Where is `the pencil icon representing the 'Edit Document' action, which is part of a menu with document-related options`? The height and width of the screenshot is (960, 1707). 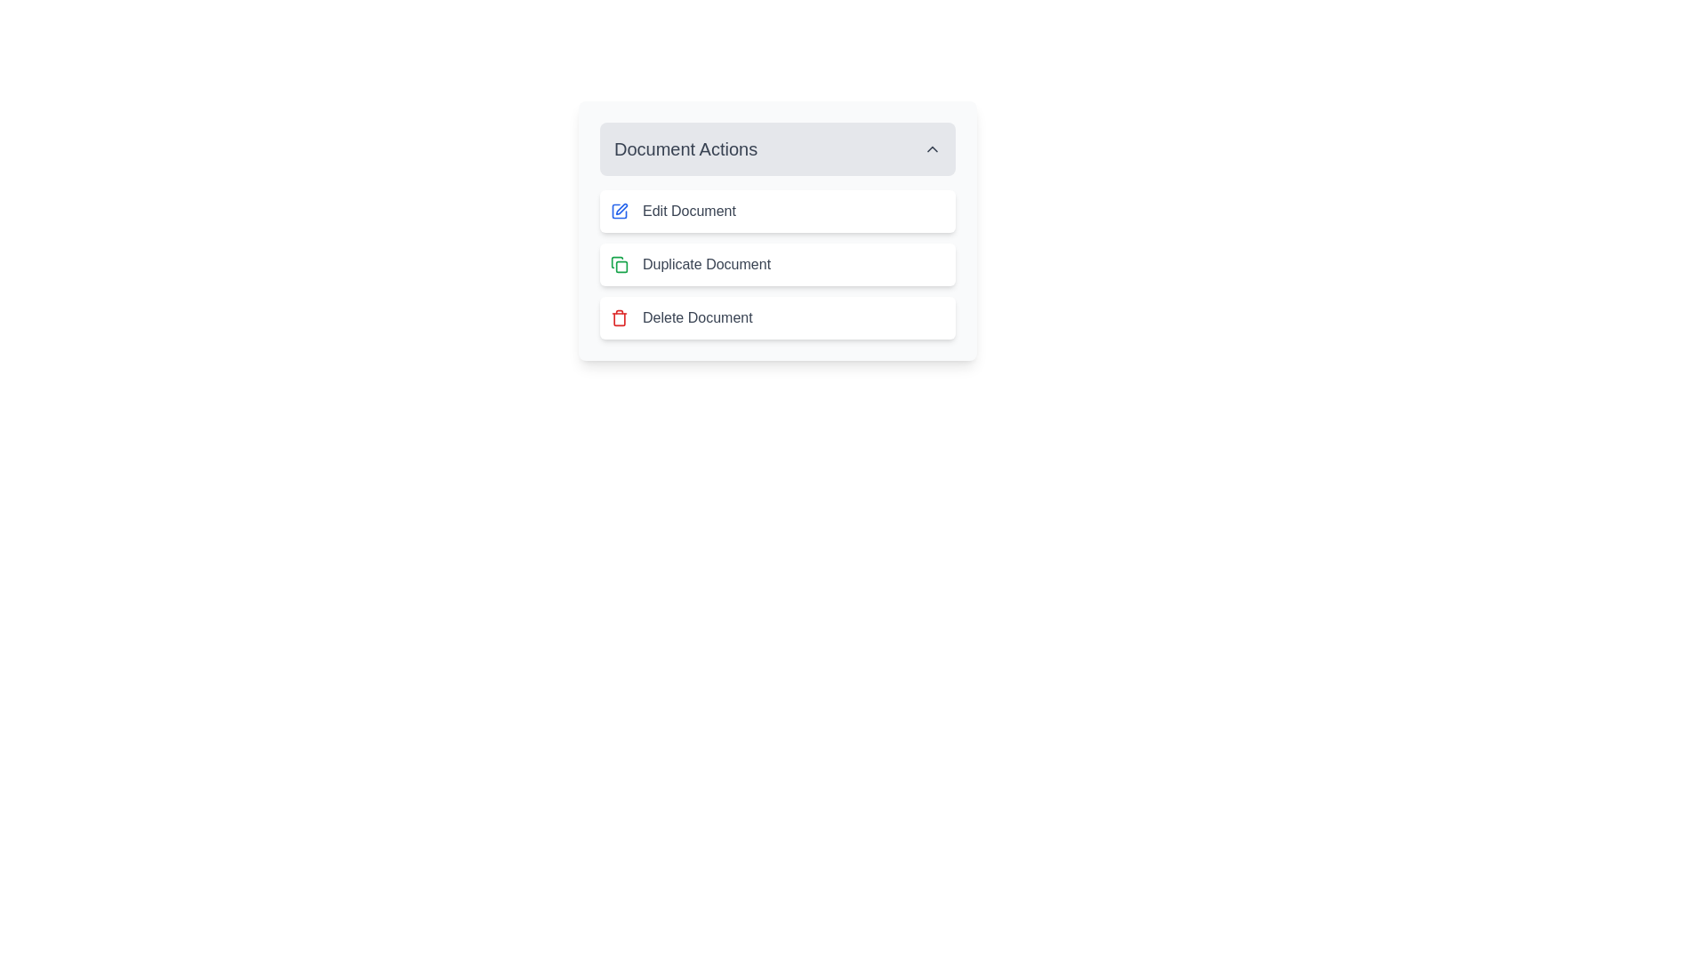 the pencil icon representing the 'Edit Document' action, which is part of a menu with document-related options is located at coordinates (619, 211).